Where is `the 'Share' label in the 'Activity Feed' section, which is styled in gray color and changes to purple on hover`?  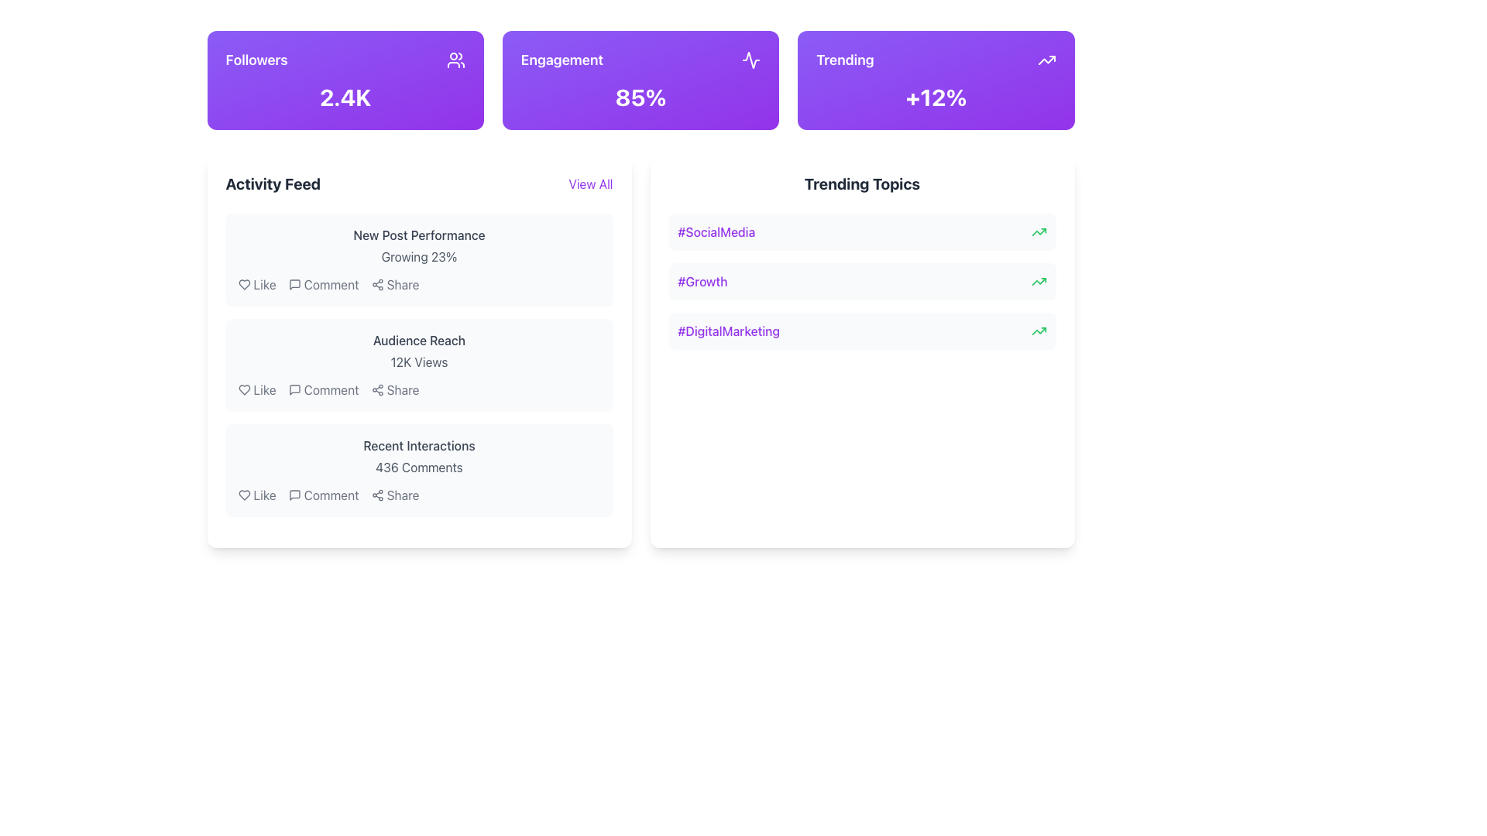 the 'Share' label in the 'Activity Feed' section, which is styled in gray color and changes to purple on hover is located at coordinates (403, 284).